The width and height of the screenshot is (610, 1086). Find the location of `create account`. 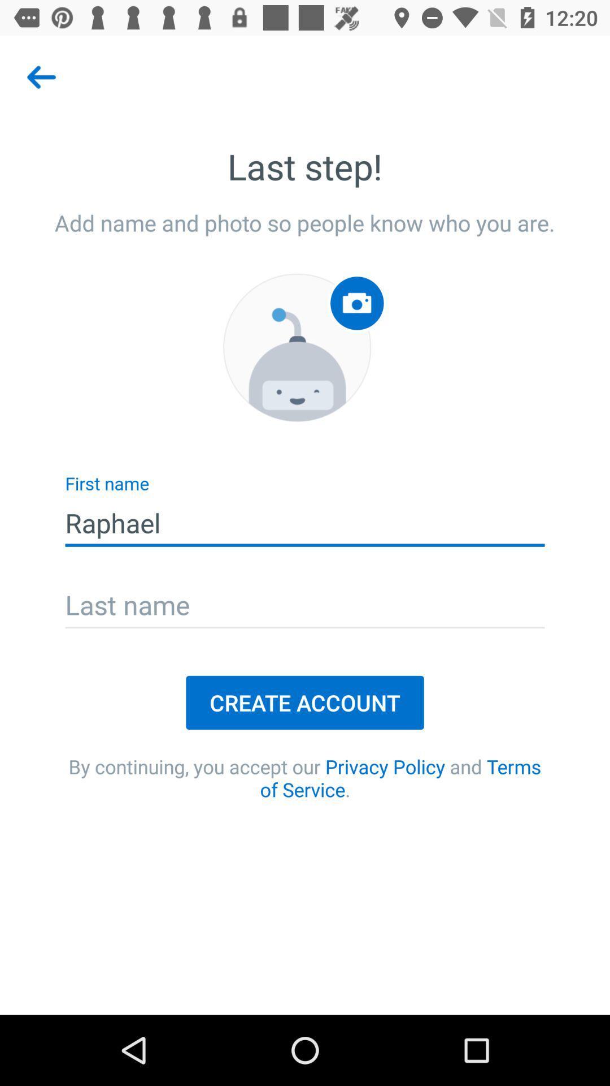

create account is located at coordinates (305, 702).